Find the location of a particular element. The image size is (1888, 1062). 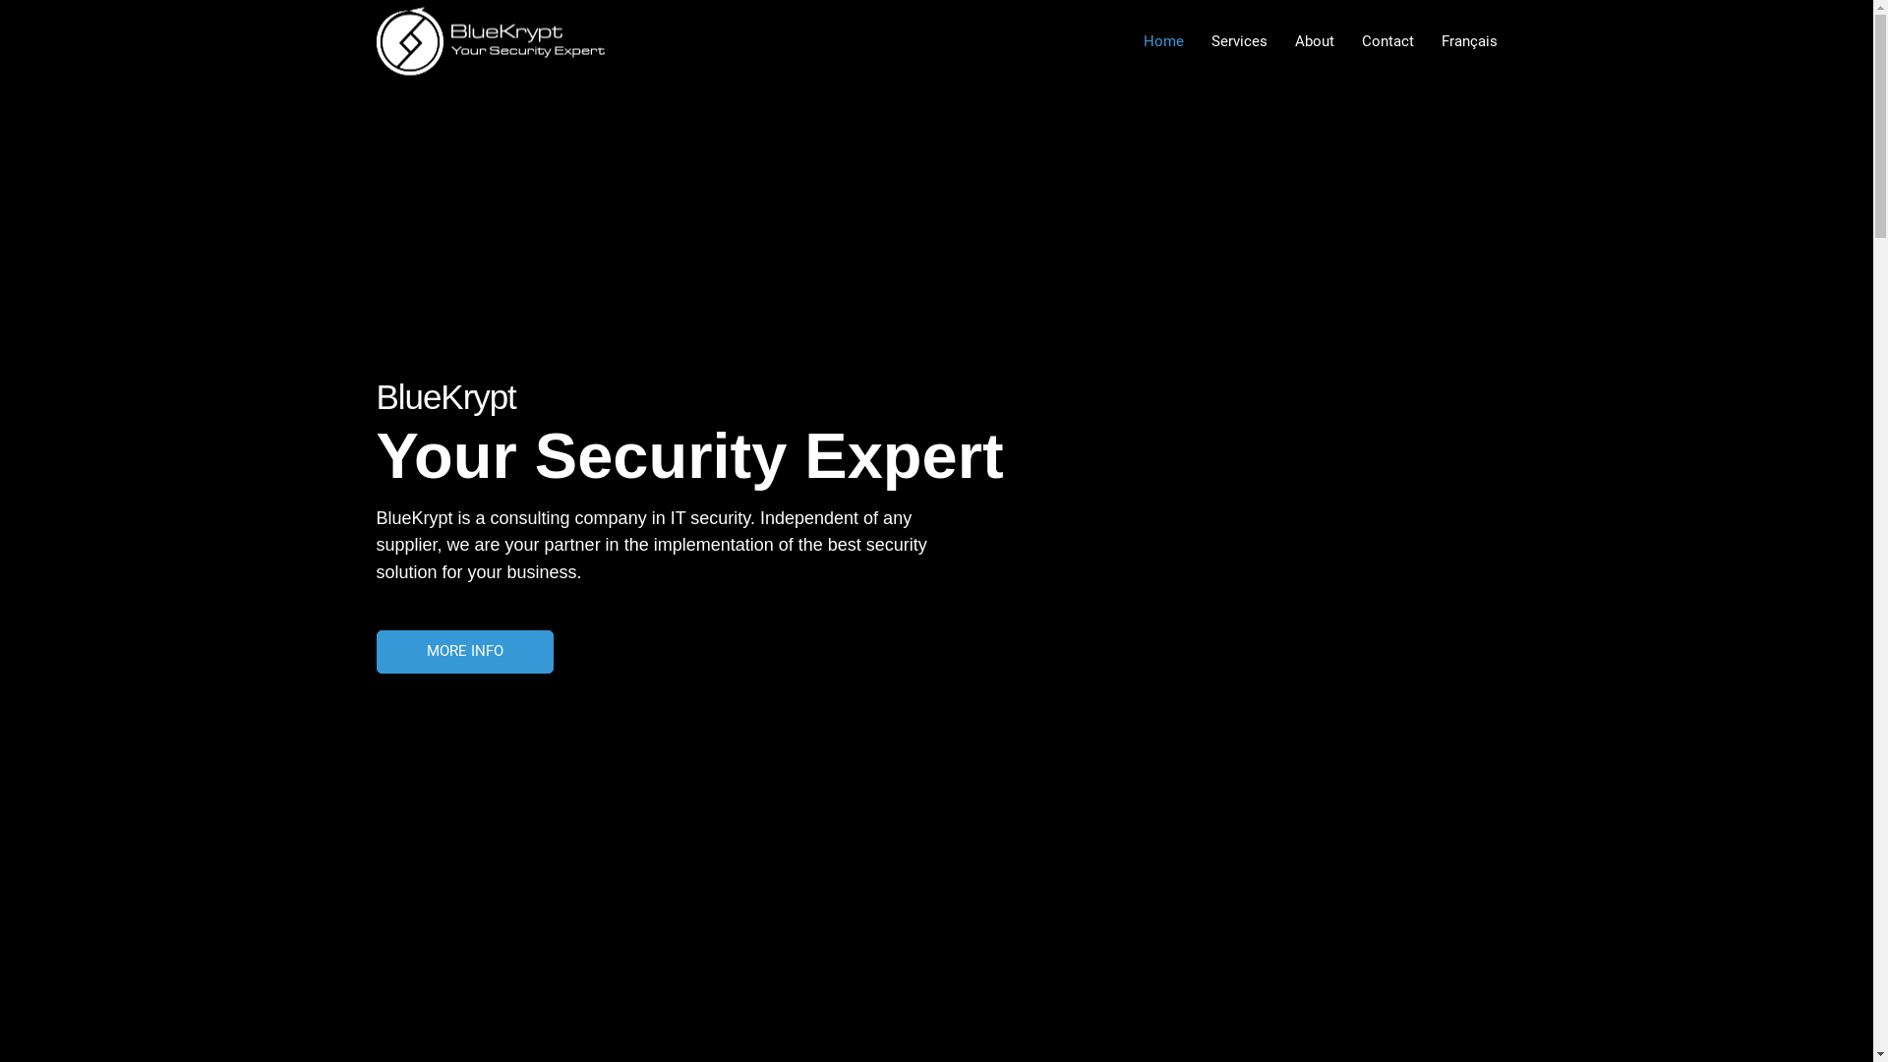

'About' is located at coordinates (1313, 41).